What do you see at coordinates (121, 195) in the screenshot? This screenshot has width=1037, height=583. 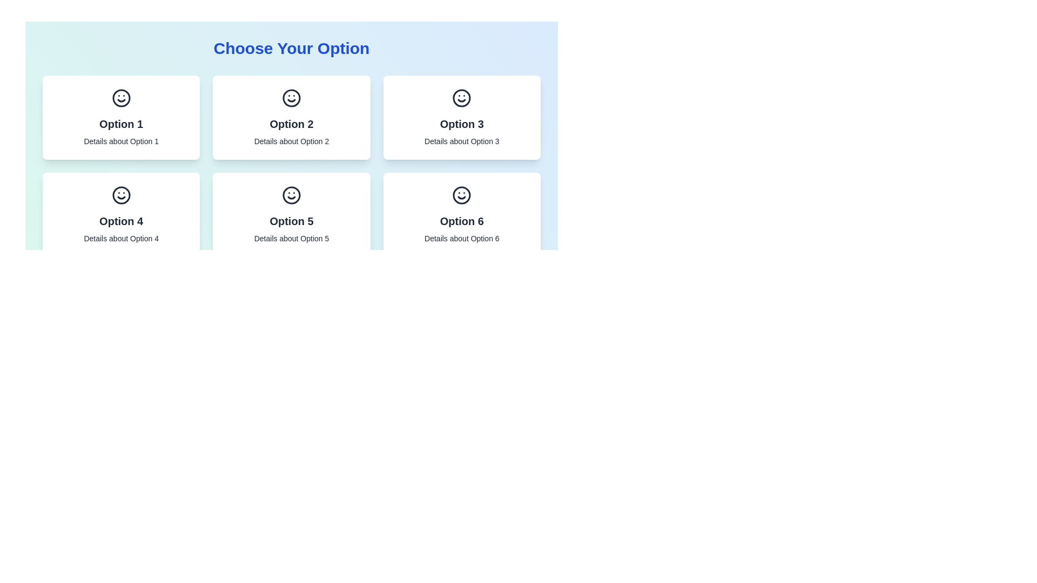 I see `the decorative icon associated with 'Option 4' located in the top section of the card in the second row and first column of the grid layout` at bounding box center [121, 195].